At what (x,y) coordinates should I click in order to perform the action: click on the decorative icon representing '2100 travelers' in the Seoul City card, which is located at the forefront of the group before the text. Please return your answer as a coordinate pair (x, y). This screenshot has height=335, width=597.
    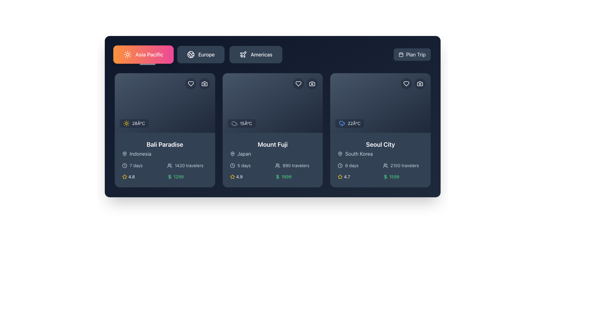
    Looking at the image, I should click on (385, 165).